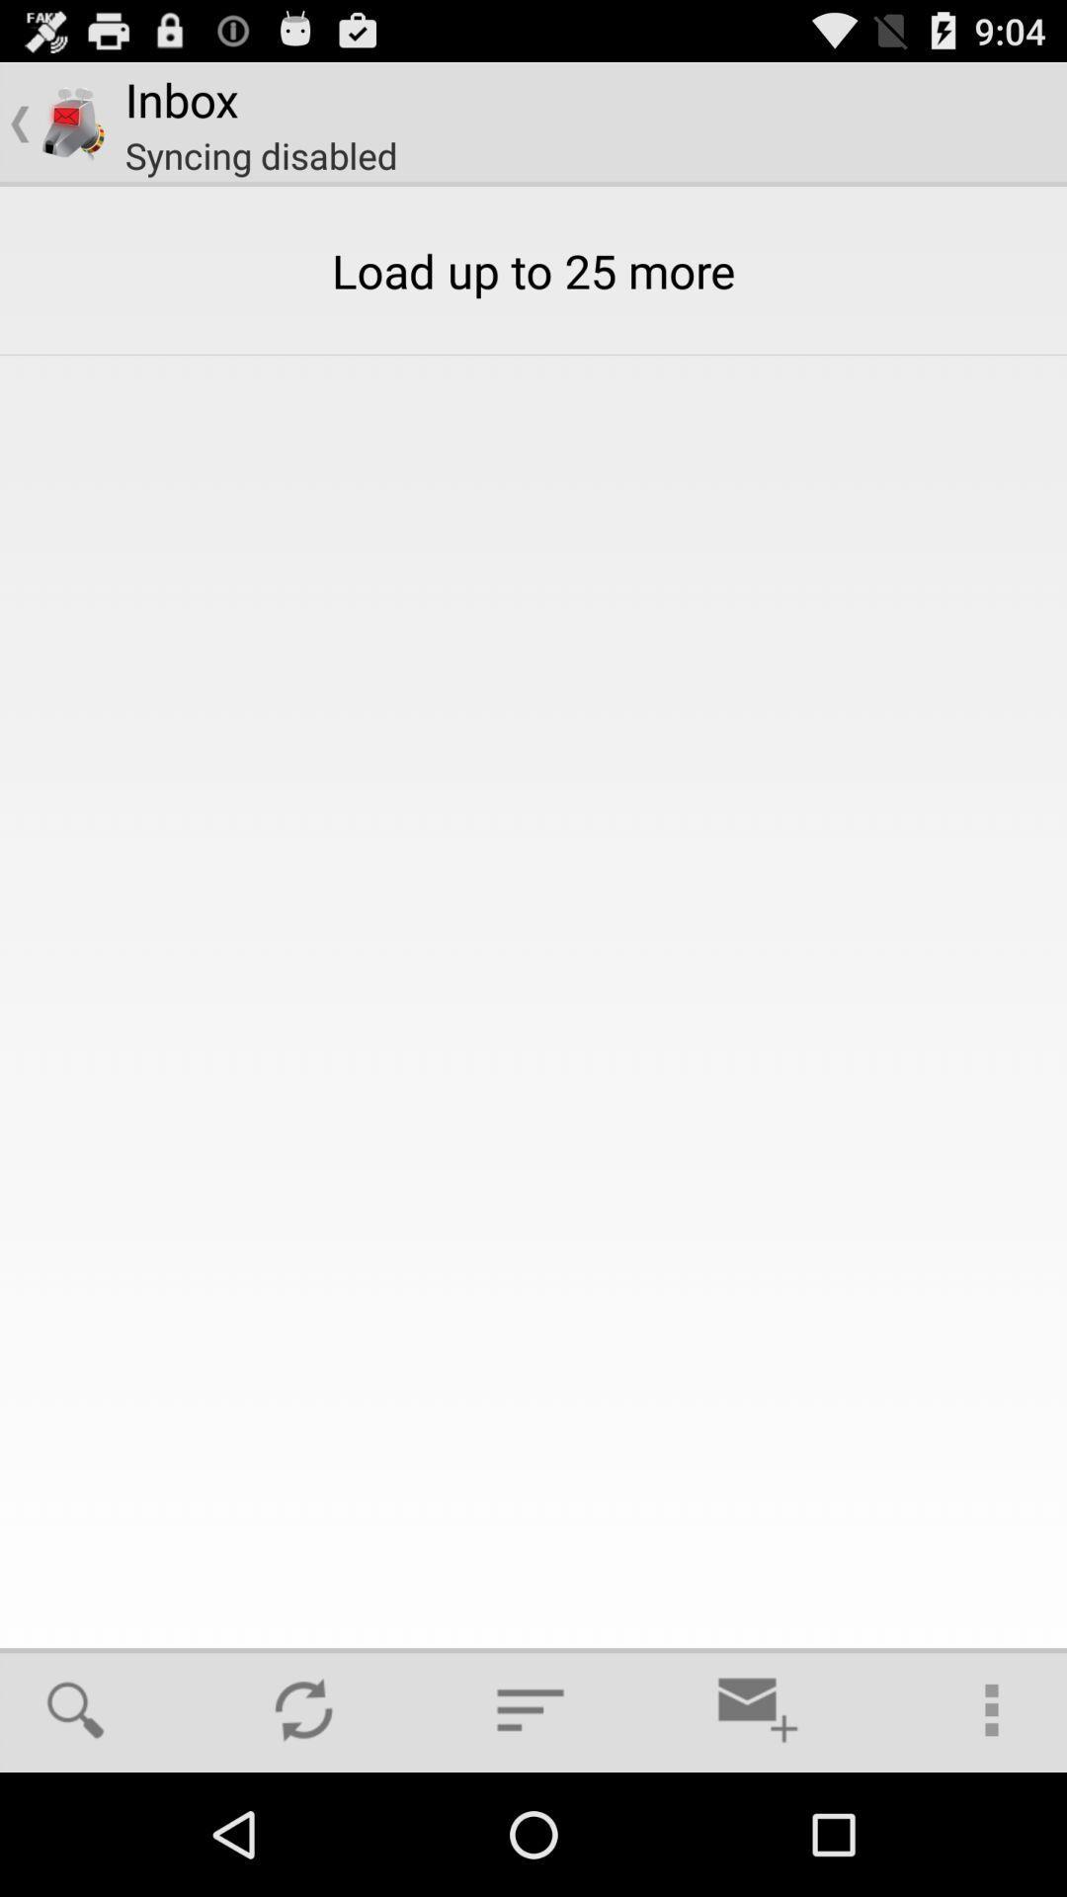 This screenshot has height=1897, width=1067. What do you see at coordinates (530, 1709) in the screenshot?
I see `the icon at the bottom` at bounding box center [530, 1709].